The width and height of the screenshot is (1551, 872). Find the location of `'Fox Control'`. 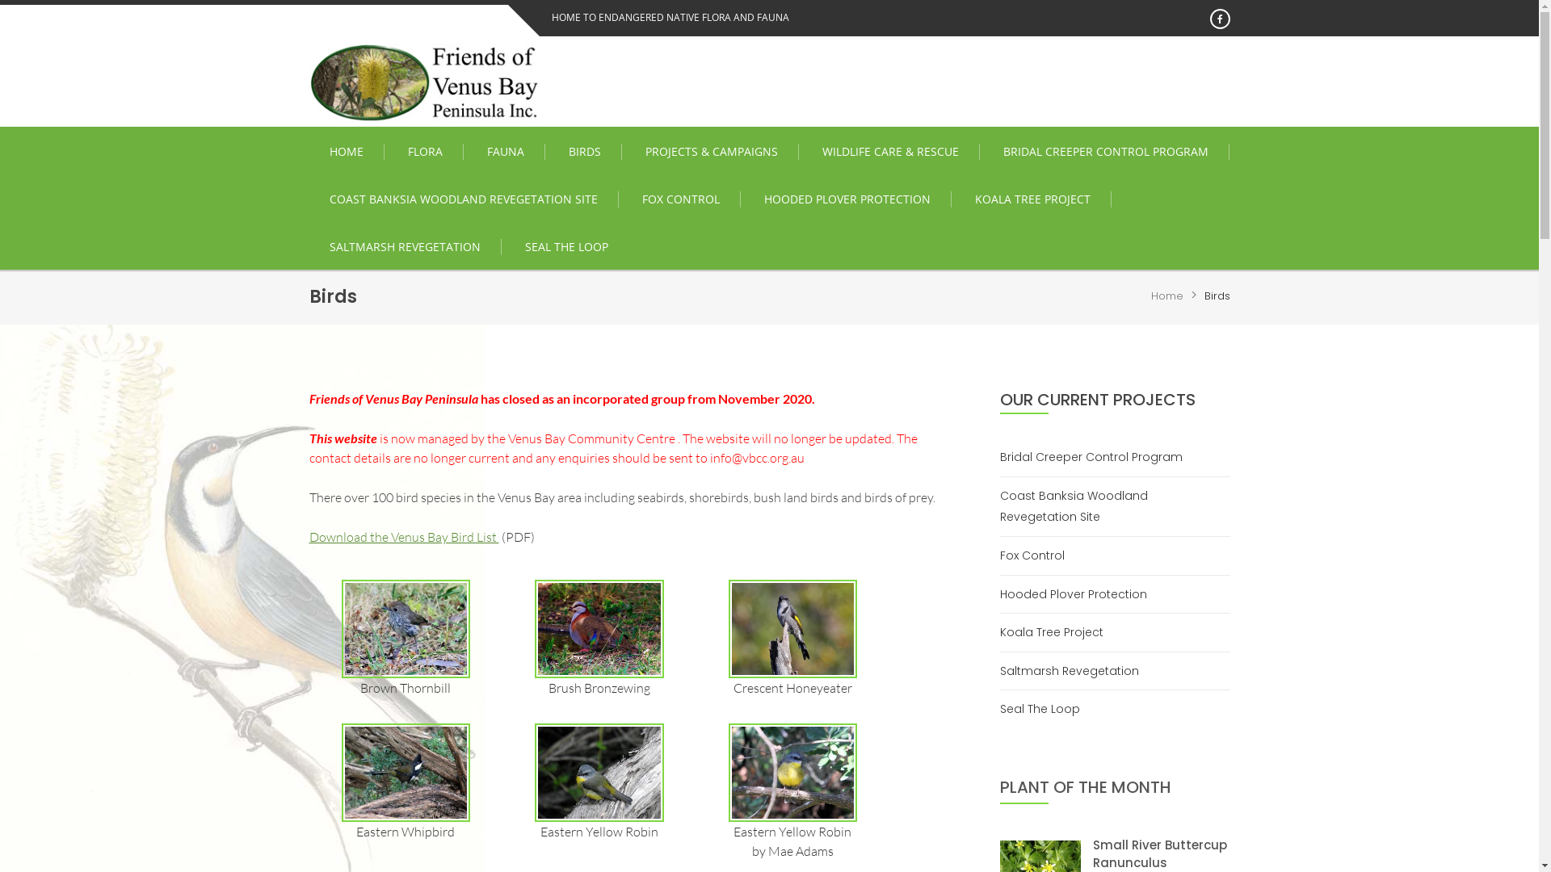

'Fox Control' is located at coordinates (1038, 555).